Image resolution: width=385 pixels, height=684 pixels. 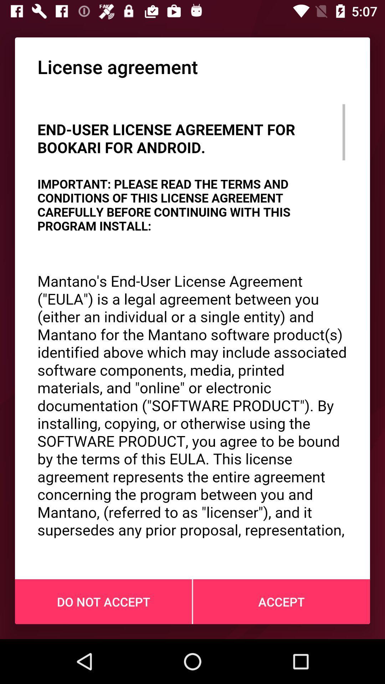 What do you see at coordinates (192, 319) in the screenshot?
I see `the item above do not accept icon` at bounding box center [192, 319].